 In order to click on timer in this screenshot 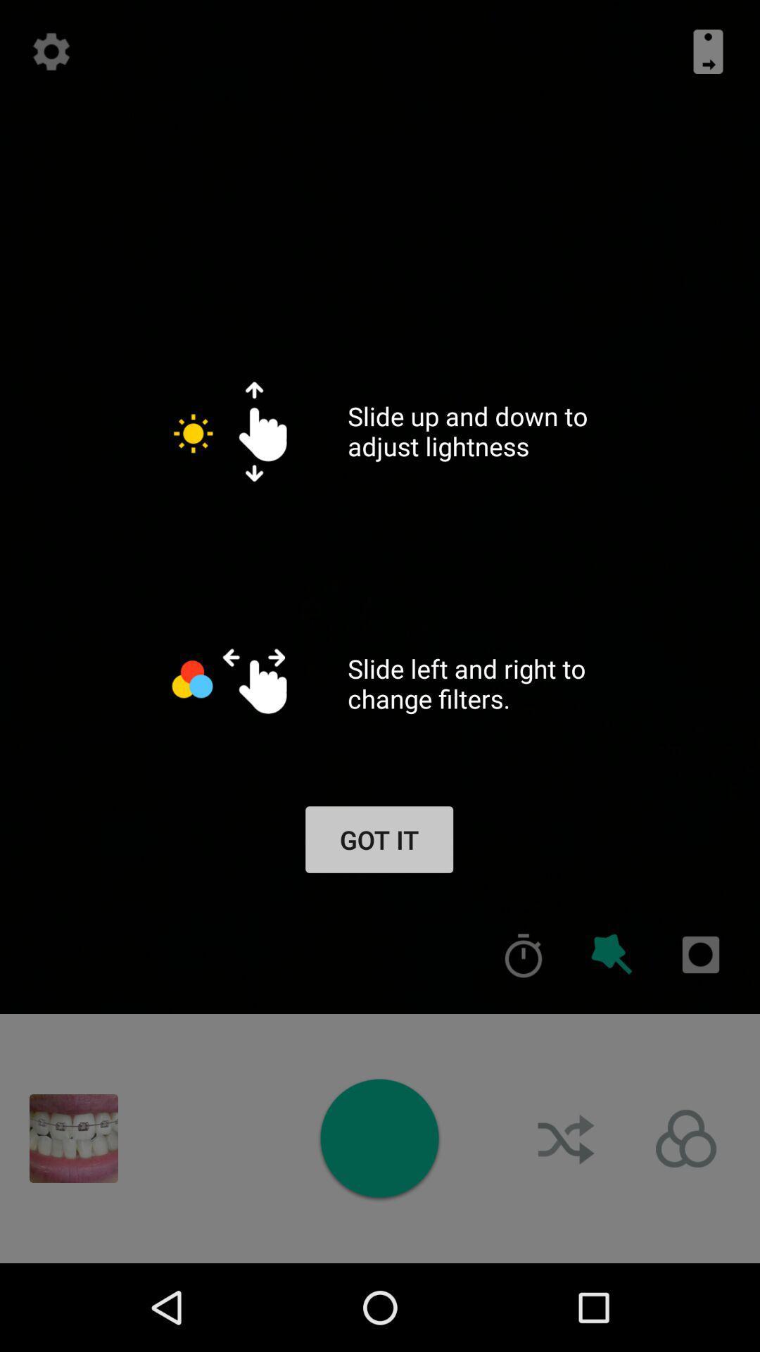, I will do `click(524, 955)`.